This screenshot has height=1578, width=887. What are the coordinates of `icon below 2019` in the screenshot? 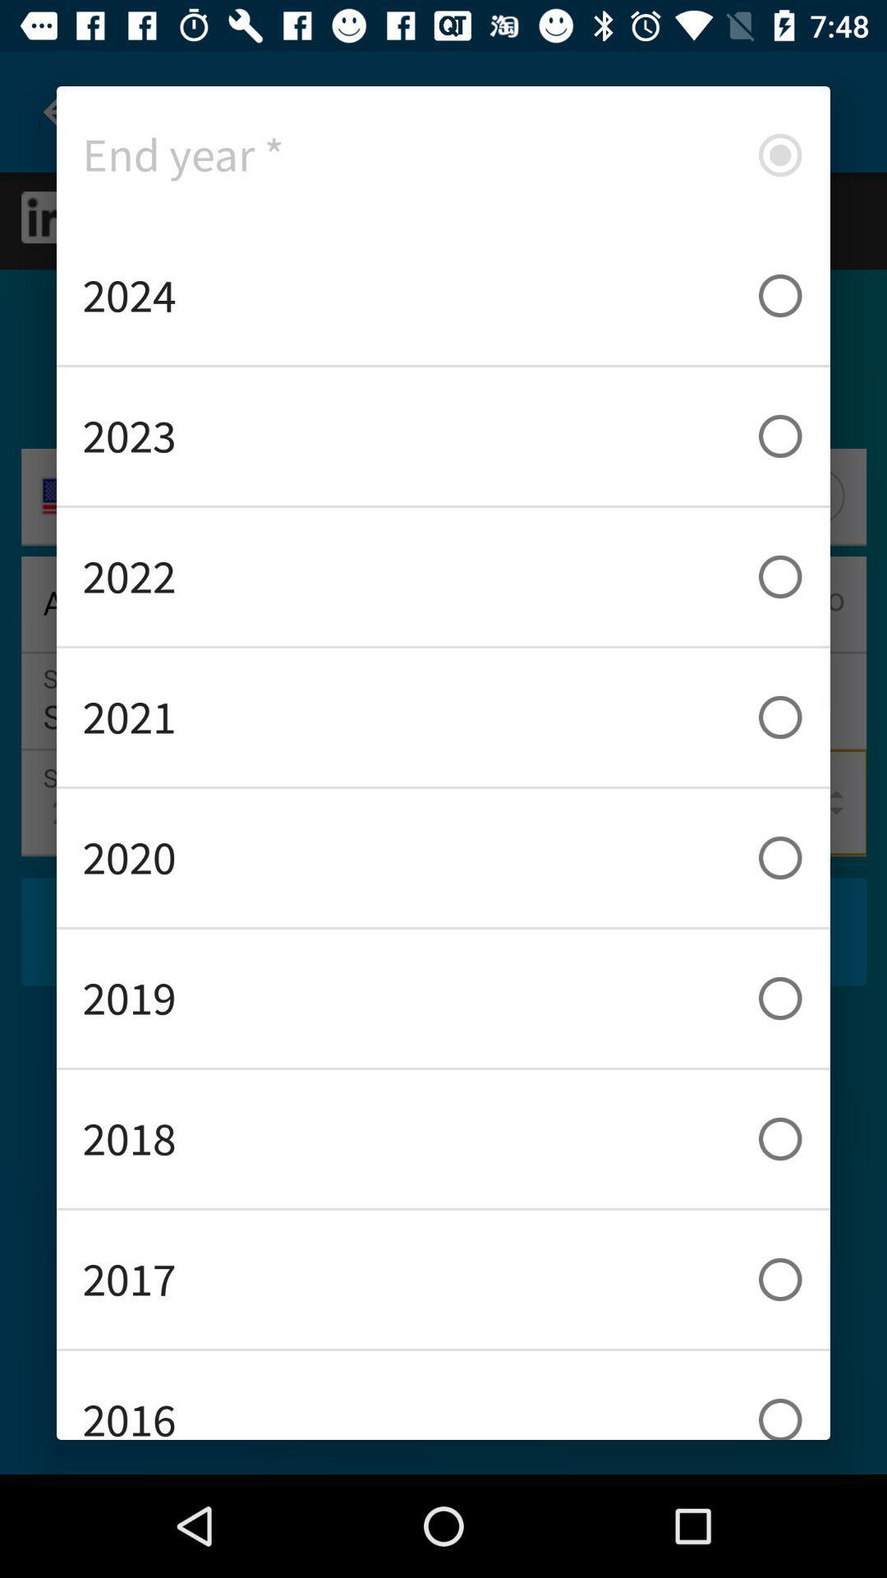 It's located at (443, 1138).